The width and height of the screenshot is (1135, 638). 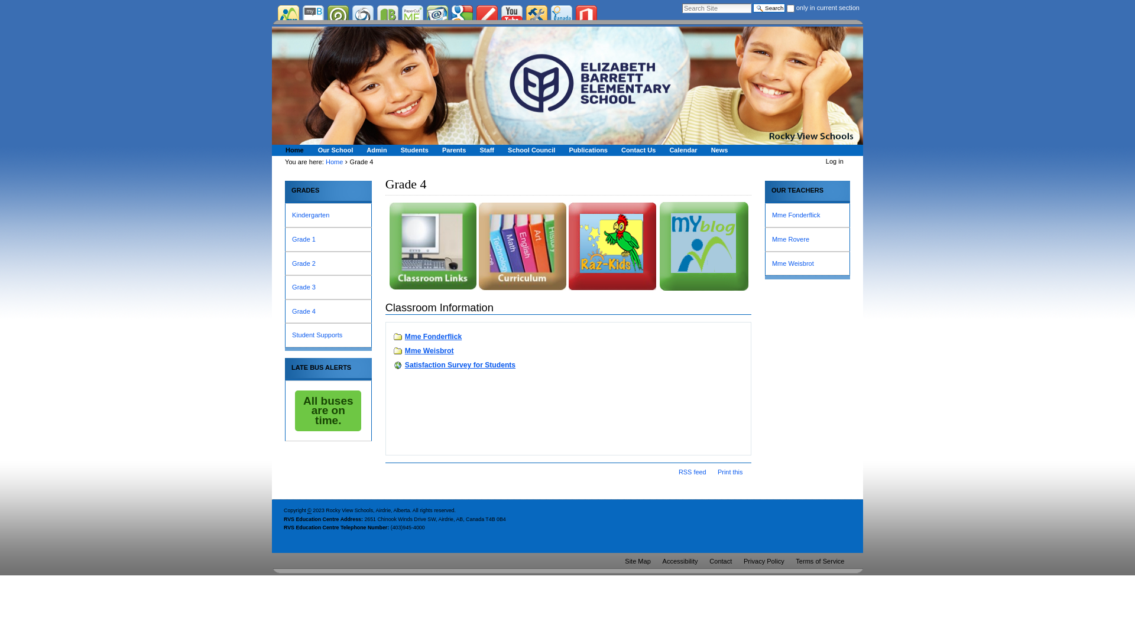 What do you see at coordinates (550, 15) in the screenshot?
I see `'Donations'` at bounding box center [550, 15].